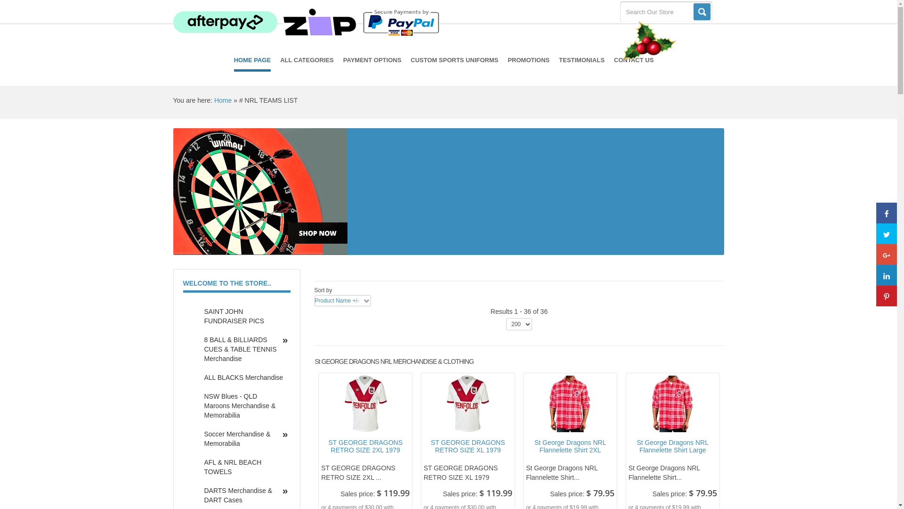  What do you see at coordinates (468, 446) in the screenshot?
I see `'ST GEORGE DRAGONS RETRO SIZE XL 1979'` at bounding box center [468, 446].